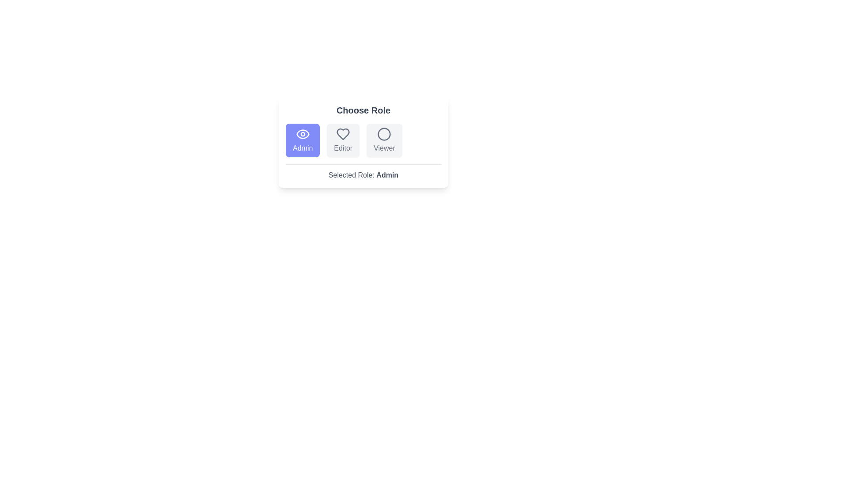 The height and width of the screenshot is (477, 848). I want to click on Text label indicating the currently selected role, positioned at the bottom center of the card below the role options 'Admin', 'Editor', and 'Viewer', so click(363, 172).